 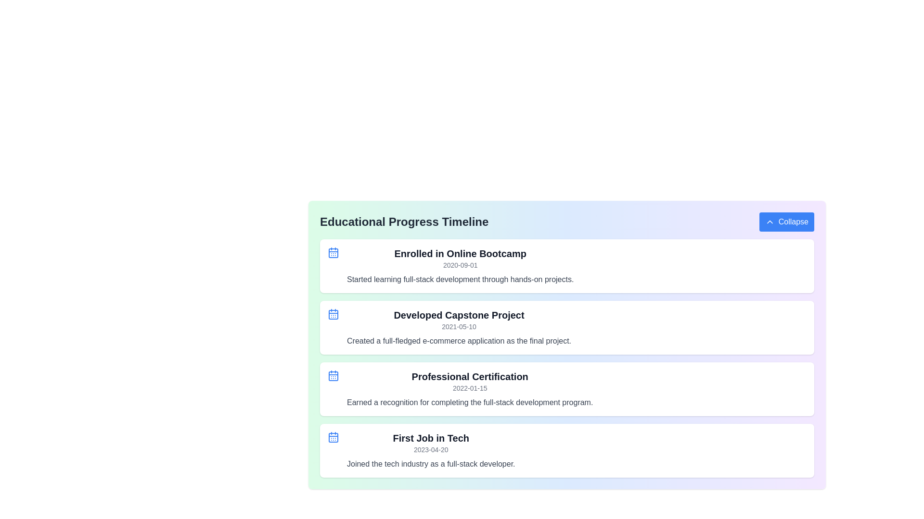 What do you see at coordinates (459, 326) in the screenshot?
I see `the static text indicating the timestamp or date marker located centrally in the second card of a chronological timeline, positioned below the title 'Developed Capstone Project' and above the descriptive text` at bounding box center [459, 326].